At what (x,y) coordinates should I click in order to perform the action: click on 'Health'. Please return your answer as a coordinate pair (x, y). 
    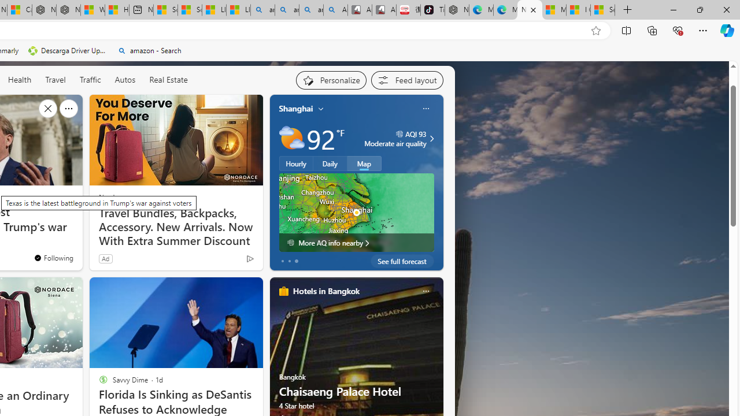
    Looking at the image, I should click on (20, 79).